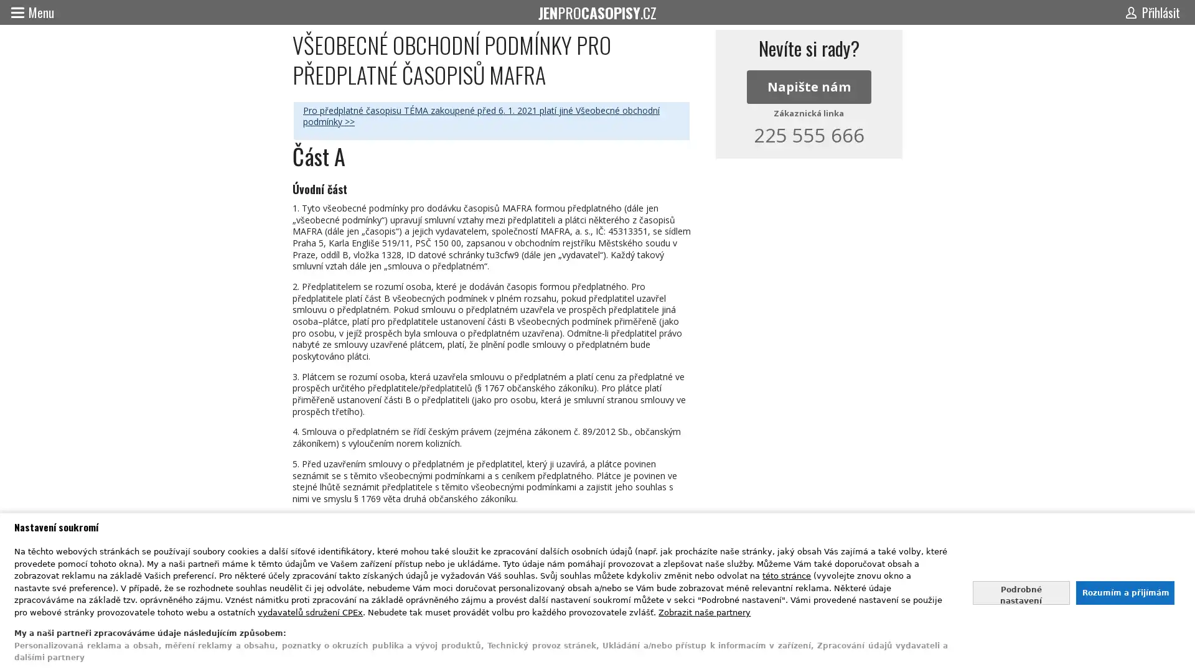  I want to click on Zobrazit nase partnery, so click(705, 611).